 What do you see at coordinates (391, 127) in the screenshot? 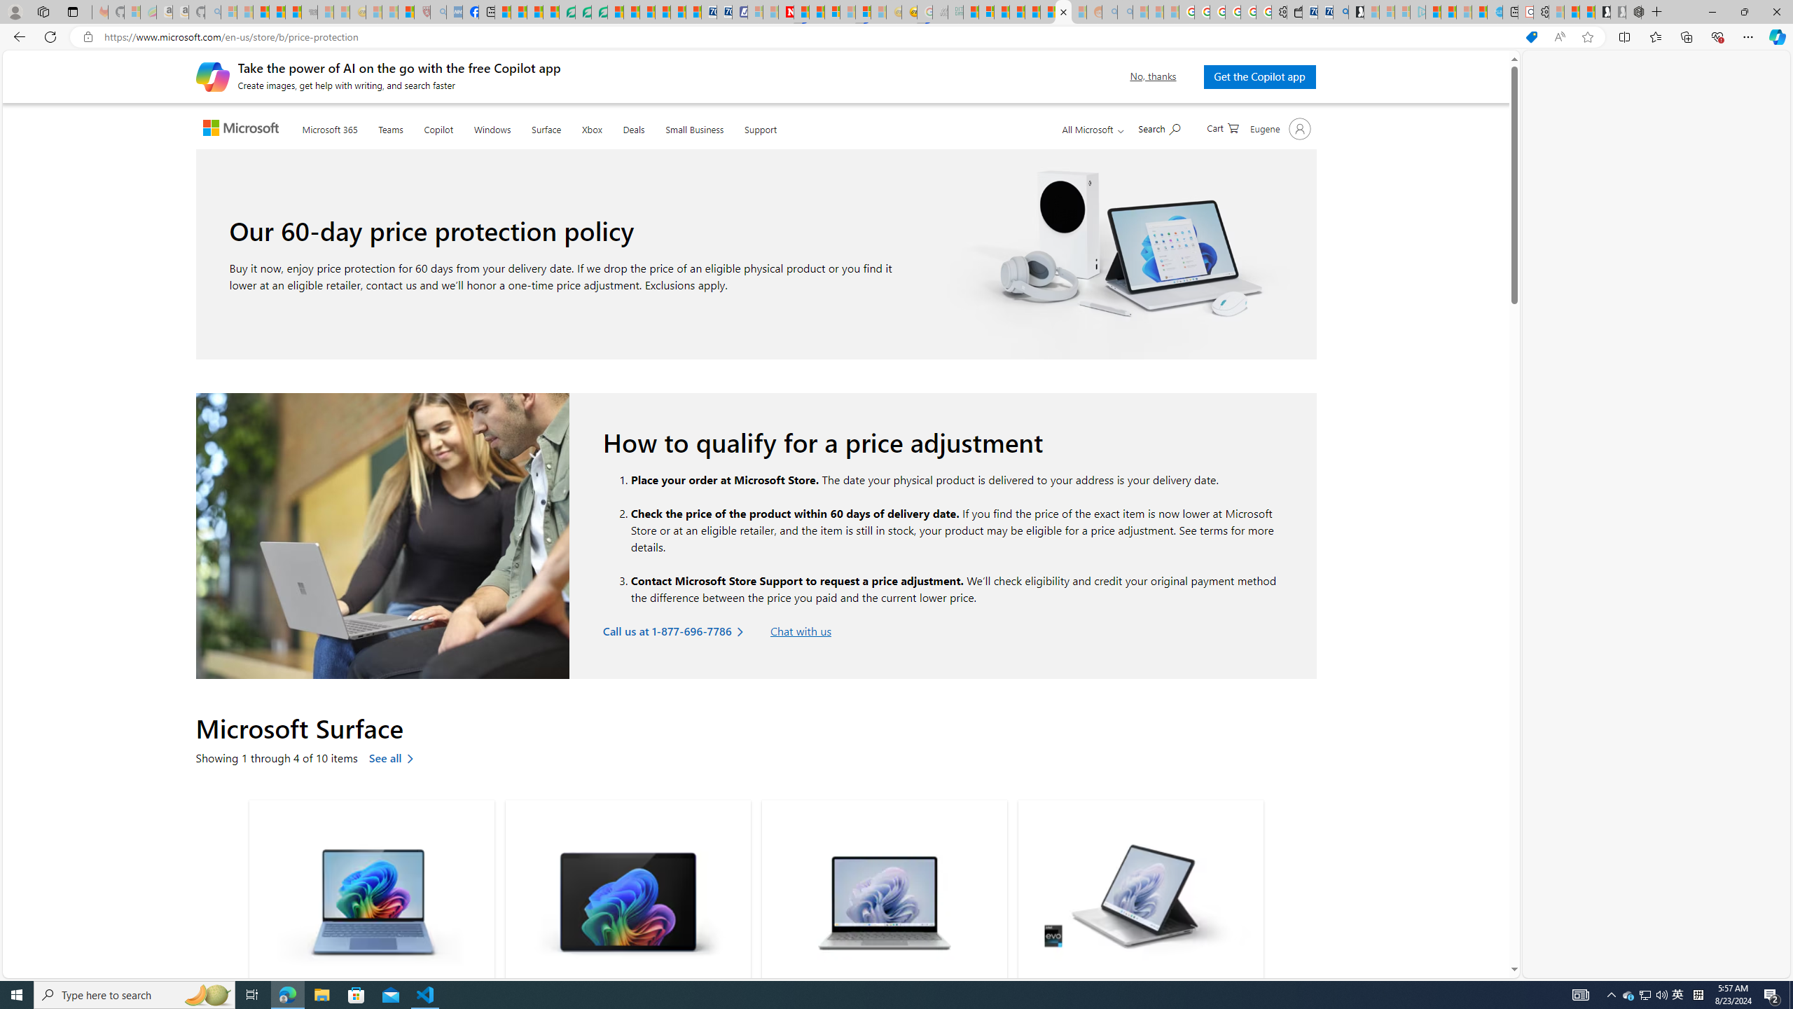
I see `'Teams'` at bounding box center [391, 127].